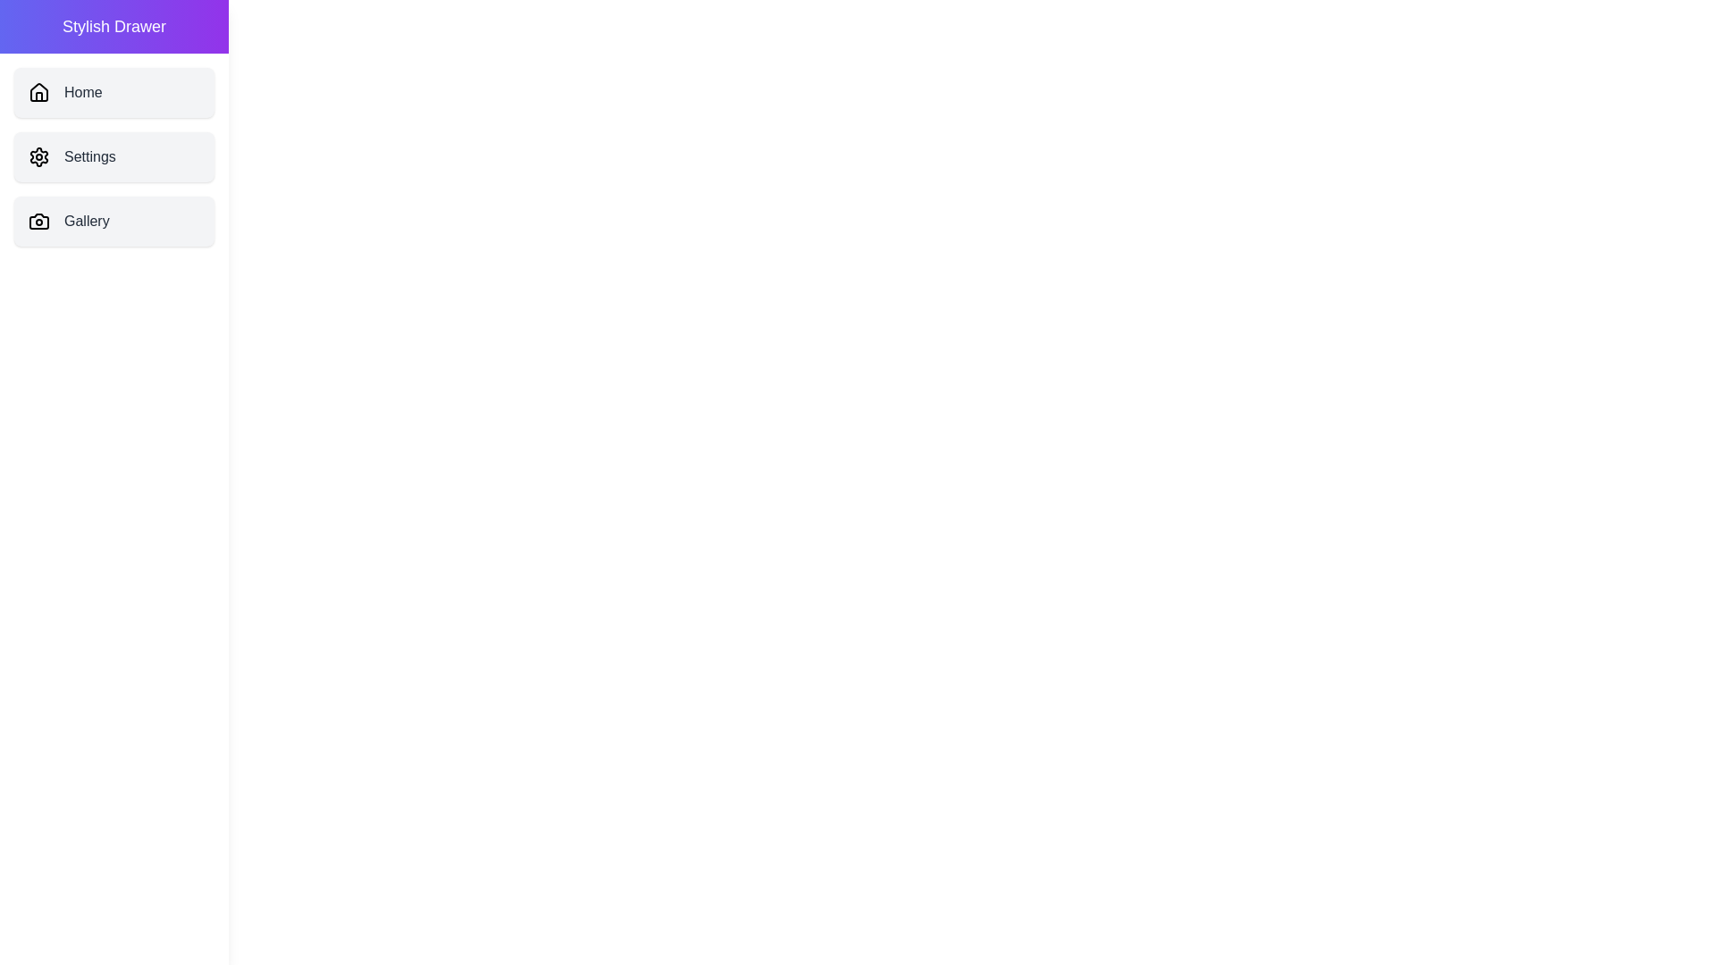  What do you see at coordinates (114, 93) in the screenshot?
I see `the menu item Home from the StylishDrawer component` at bounding box center [114, 93].